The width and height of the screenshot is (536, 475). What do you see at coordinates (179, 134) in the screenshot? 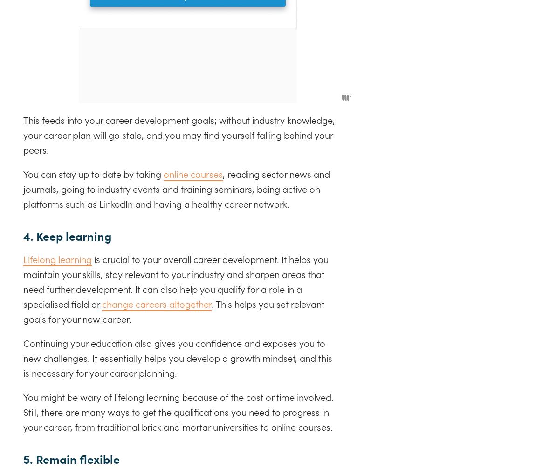
I see `'This feeds into your career development goals; without industry knowledge, your career plan will go stale, and you may find yourself falling behind your peers.'` at bounding box center [179, 134].